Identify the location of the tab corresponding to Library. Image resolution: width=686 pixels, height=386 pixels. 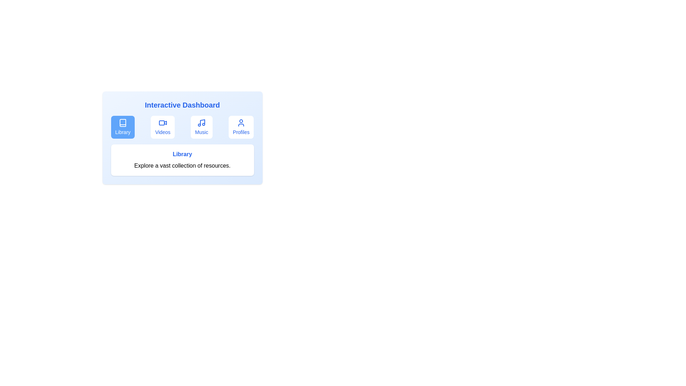
(123, 127).